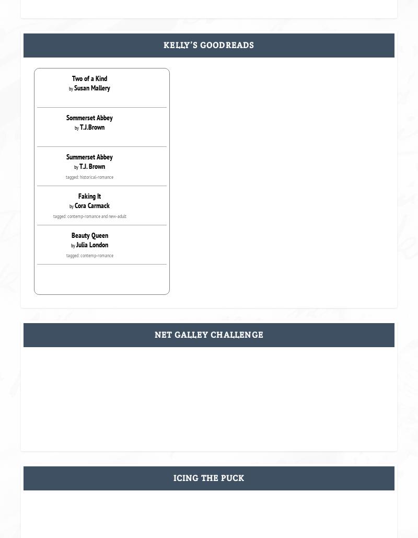  What do you see at coordinates (89, 195) in the screenshot?
I see `'Faking It'` at bounding box center [89, 195].